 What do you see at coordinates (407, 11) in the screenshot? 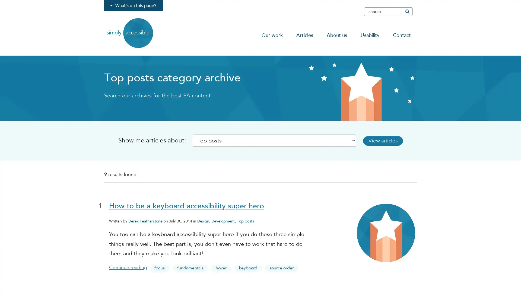
I see `Submit Search` at bounding box center [407, 11].